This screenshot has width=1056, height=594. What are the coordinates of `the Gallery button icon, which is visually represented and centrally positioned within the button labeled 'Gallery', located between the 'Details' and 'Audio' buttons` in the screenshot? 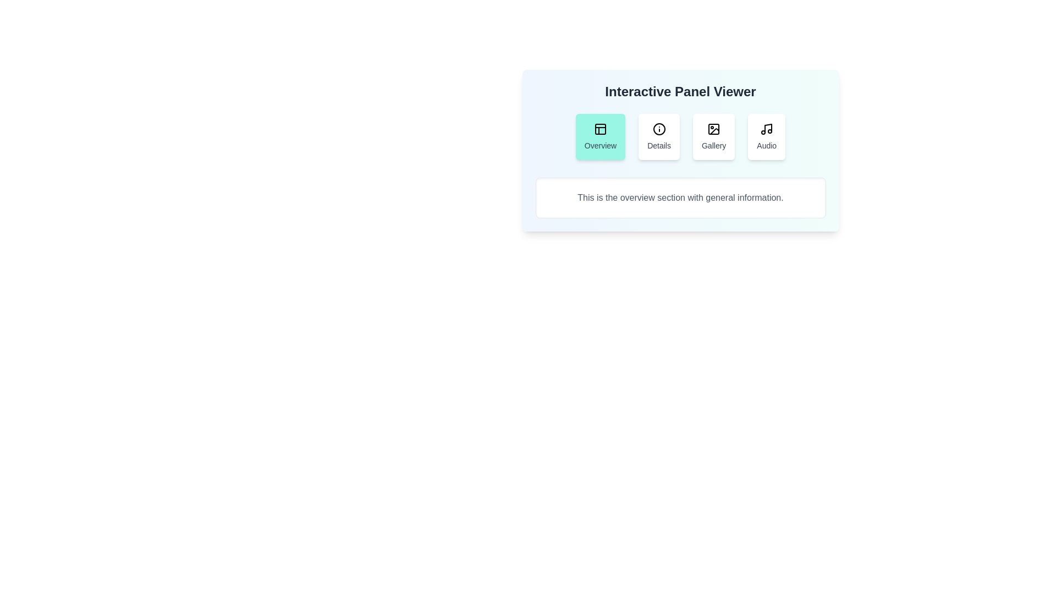 It's located at (713, 129).